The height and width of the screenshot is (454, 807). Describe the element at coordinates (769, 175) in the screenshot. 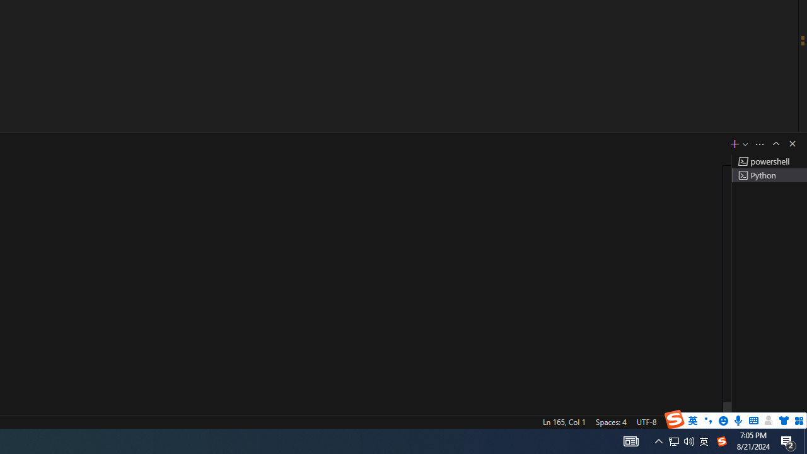

I see `'Terminal 3 Python'` at that location.